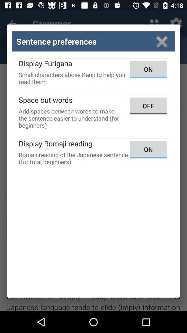 The width and height of the screenshot is (187, 333). What do you see at coordinates (162, 42) in the screenshot?
I see `deselect sentence preferences` at bounding box center [162, 42].